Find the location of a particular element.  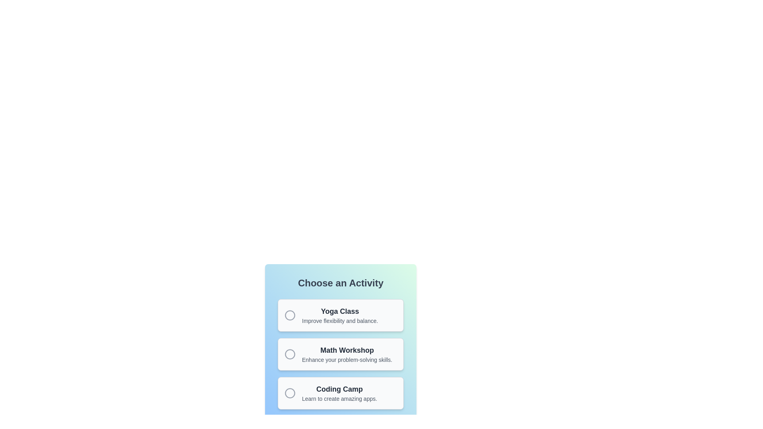

the 'Math Workshop' activity selection card, which is the second item in the list under the 'Choose an Activity' heading is located at coordinates (341, 343).